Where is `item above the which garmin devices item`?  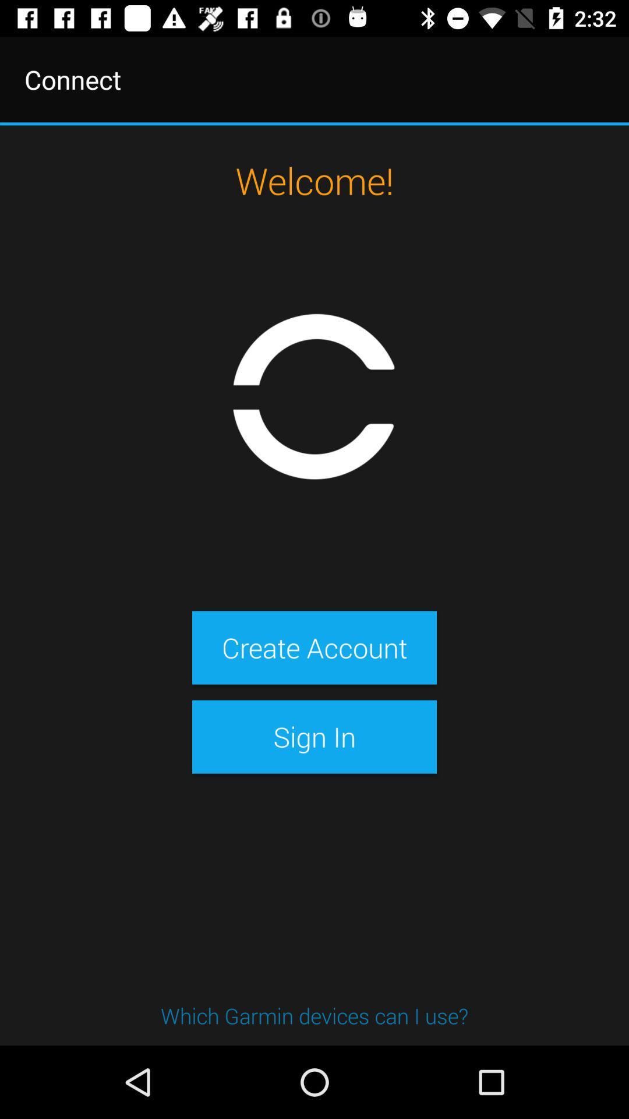
item above the which garmin devices item is located at coordinates (314, 736).